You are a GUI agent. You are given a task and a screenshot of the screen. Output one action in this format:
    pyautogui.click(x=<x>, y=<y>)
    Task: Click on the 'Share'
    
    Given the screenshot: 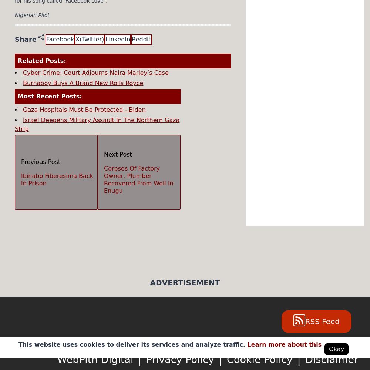 What is the action you would take?
    pyautogui.click(x=25, y=39)
    